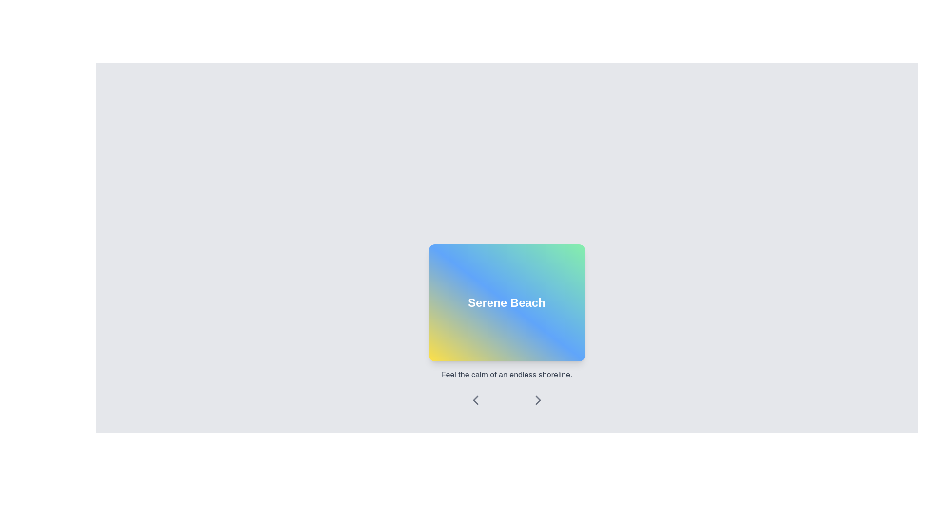 The width and height of the screenshot is (936, 526). What do you see at coordinates (475, 400) in the screenshot?
I see `the left navigation button (icon-based) that is located directly beneath the text 'Feel the calm of an endless shoreline'` at bounding box center [475, 400].